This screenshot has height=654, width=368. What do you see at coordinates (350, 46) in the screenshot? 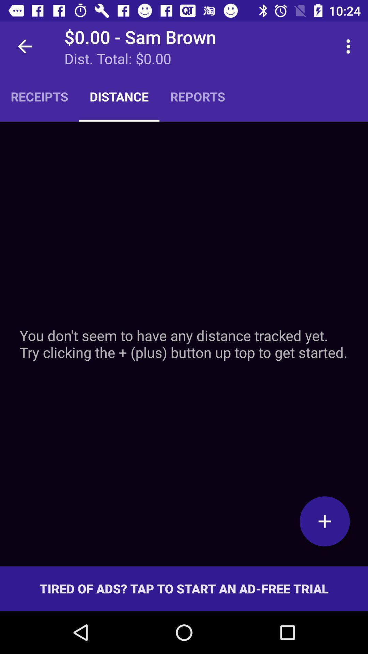
I see `icon to the right of reports item` at bounding box center [350, 46].